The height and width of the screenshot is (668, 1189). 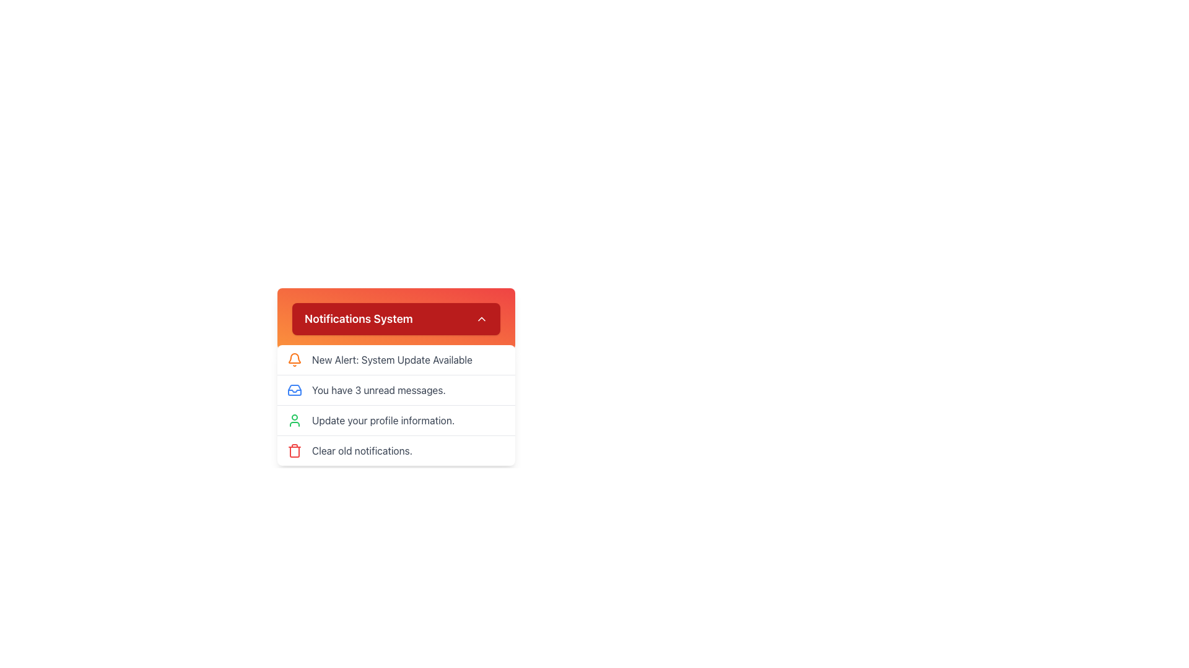 What do you see at coordinates (294, 360) in the screenshot?
I see `the distinctive orange bell icon located on the leftmost side of the first notification item under the 'Notifications System' section, which is aligned next to the notification text 'New Alert: System Update Available'` at bounding box center [294, 360].